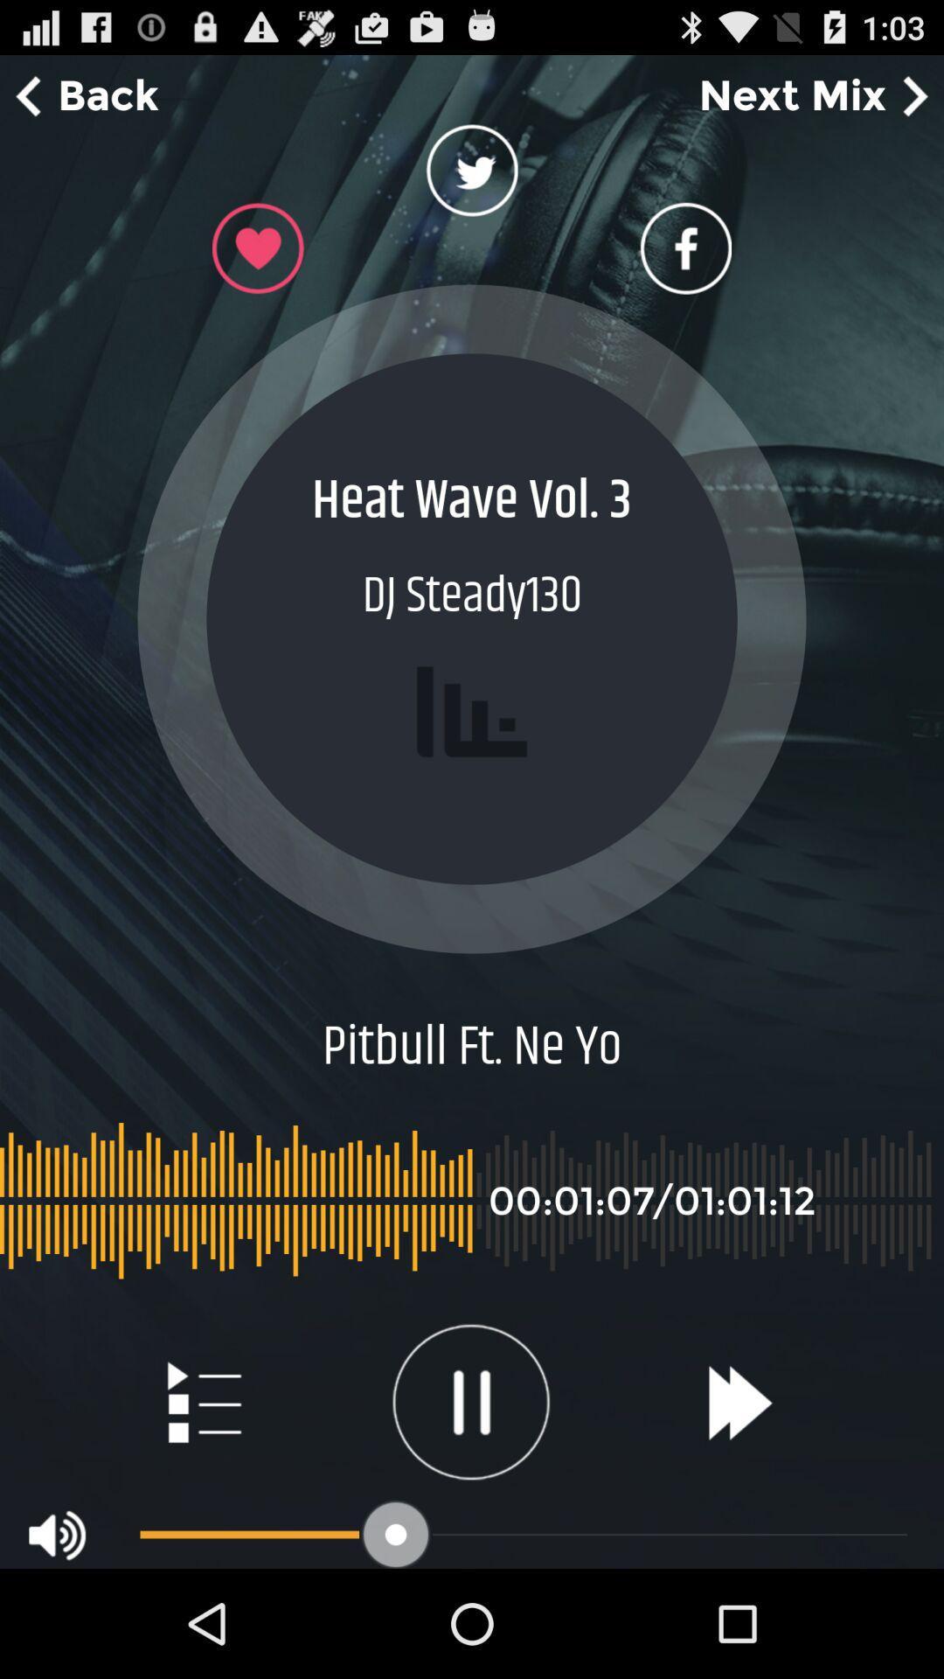 This screenshot has height=1679, width=944. What do you see at coordinates (740, 1402) in the screenshot?
I see `icon at the bottom right corner` at bounding box center [740, 1402].